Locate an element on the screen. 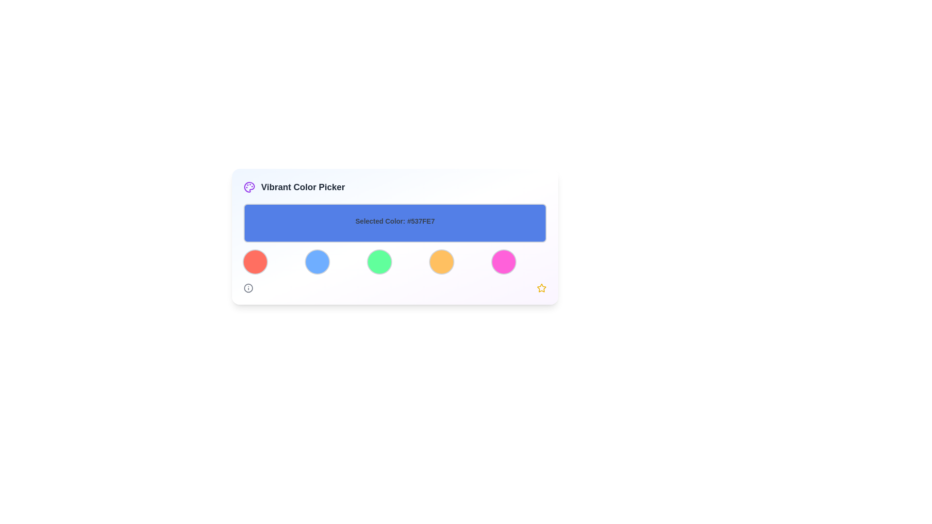 The image size is (932, 524). the third circular button (green) in the horizontal grid of the 'Vibrant Color Picker' panel is located at coordinates (395, 262).